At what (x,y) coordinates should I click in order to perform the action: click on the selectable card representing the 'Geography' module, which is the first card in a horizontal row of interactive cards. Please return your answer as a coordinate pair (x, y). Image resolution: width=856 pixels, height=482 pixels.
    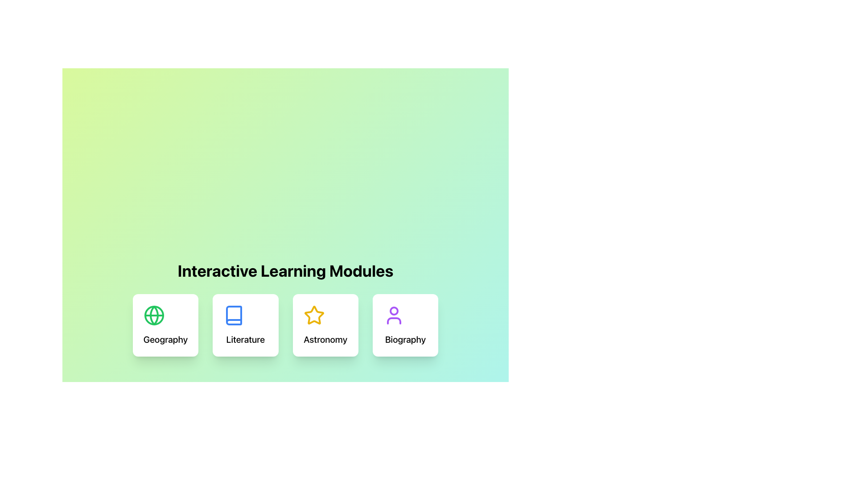
    Looking at the image, I should click on (165, 325).